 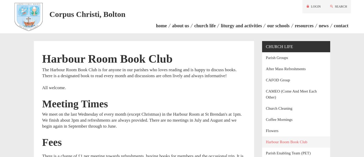 What do you see at coordinates (42, 75) in the screenshot?
I see `'There is a designated book to read every month and discussions are often lively and always informative!'` at bounding box center [42, 75].